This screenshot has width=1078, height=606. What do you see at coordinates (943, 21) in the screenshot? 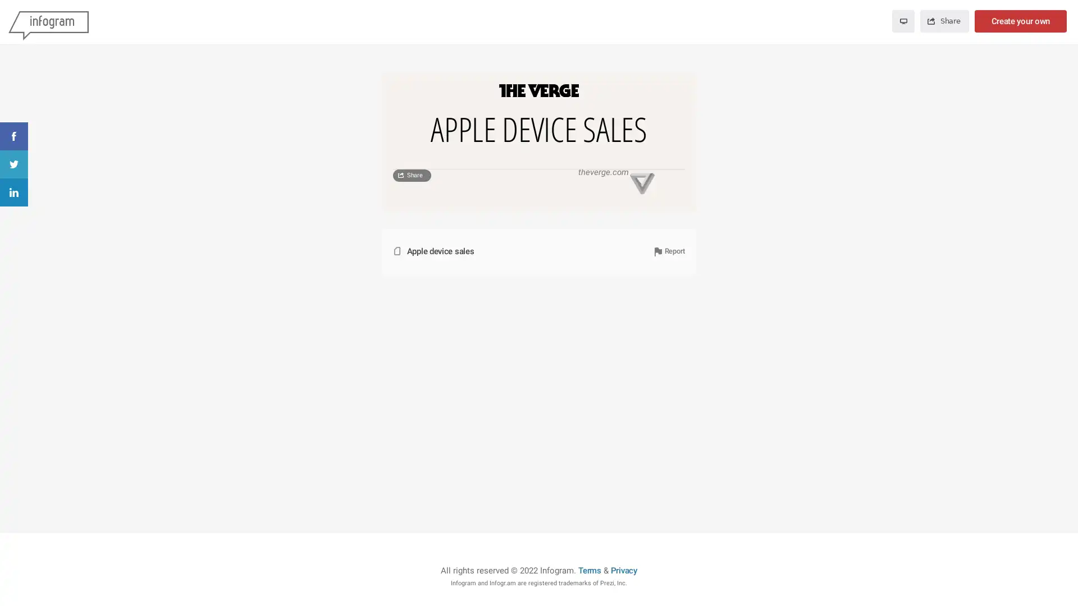
I see `Share` at bounding box center [943, 21].